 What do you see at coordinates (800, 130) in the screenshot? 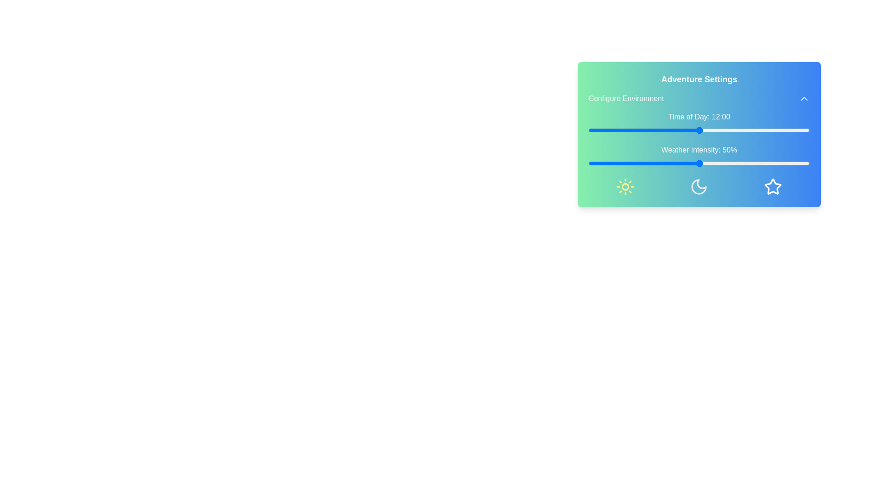
I see `the 'Time of Day' slider to 23 hours` at bounding box center [800, 130].